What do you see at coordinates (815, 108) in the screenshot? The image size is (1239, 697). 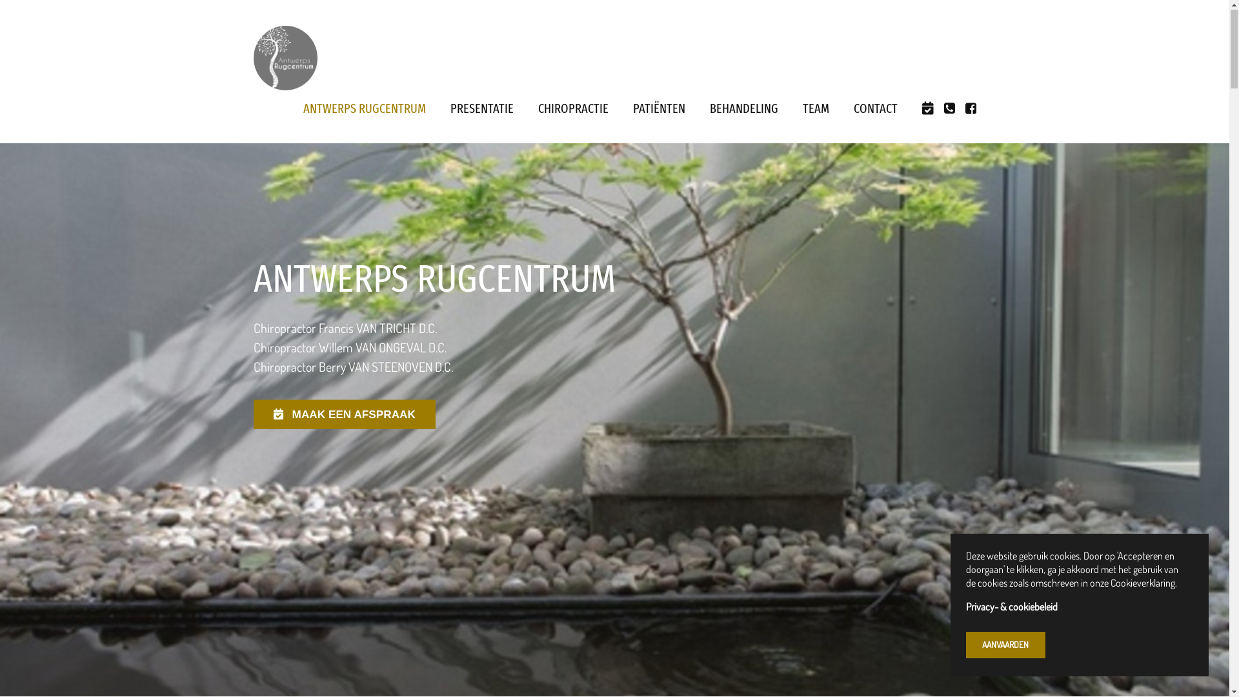 I see `'TEAM'` at bounding box center [815, 108].